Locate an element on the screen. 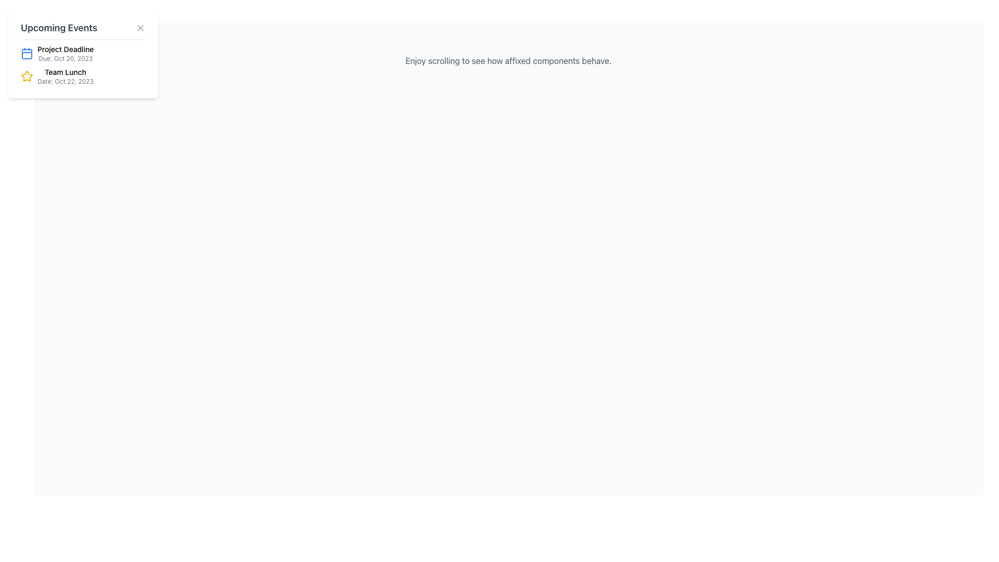 The width and height of the screenshot is (999, 562). the yellow star icon with a hollow center, styled with a stroke outline, located in the 'Upcoming Events' section is located at coordinates (27, 75).